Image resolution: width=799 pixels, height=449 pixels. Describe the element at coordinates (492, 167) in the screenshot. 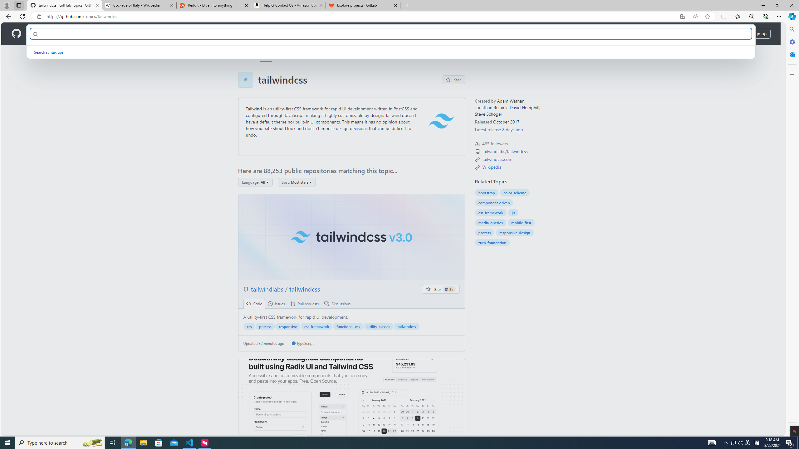

I see `'en.wikipedia.org/wiki/Tailwind_CSS'` at that location.